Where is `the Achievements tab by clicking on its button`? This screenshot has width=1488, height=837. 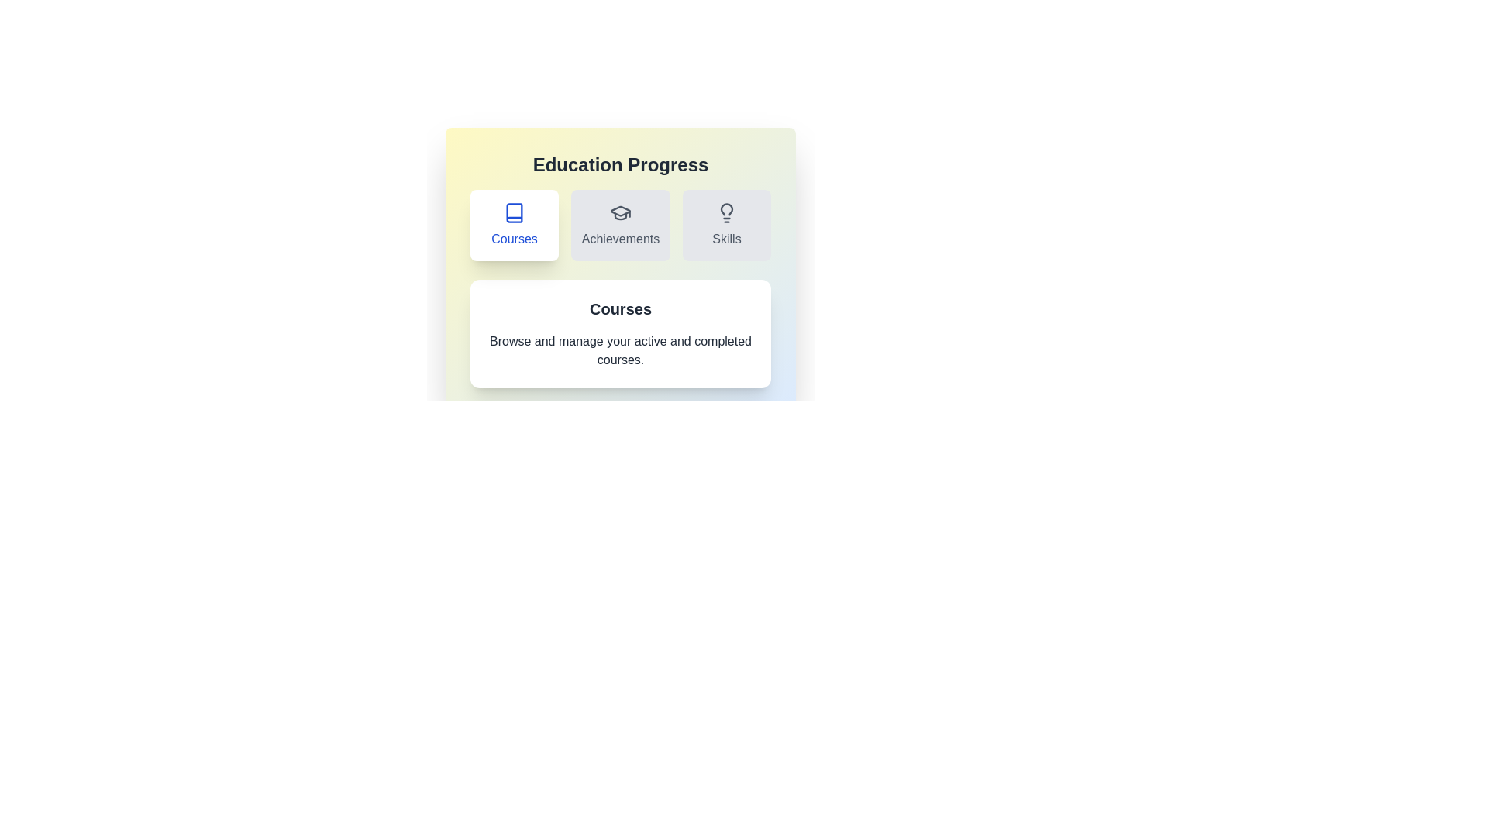 the Achievements tab by clicking on its button is located at coordinates (621, 225).